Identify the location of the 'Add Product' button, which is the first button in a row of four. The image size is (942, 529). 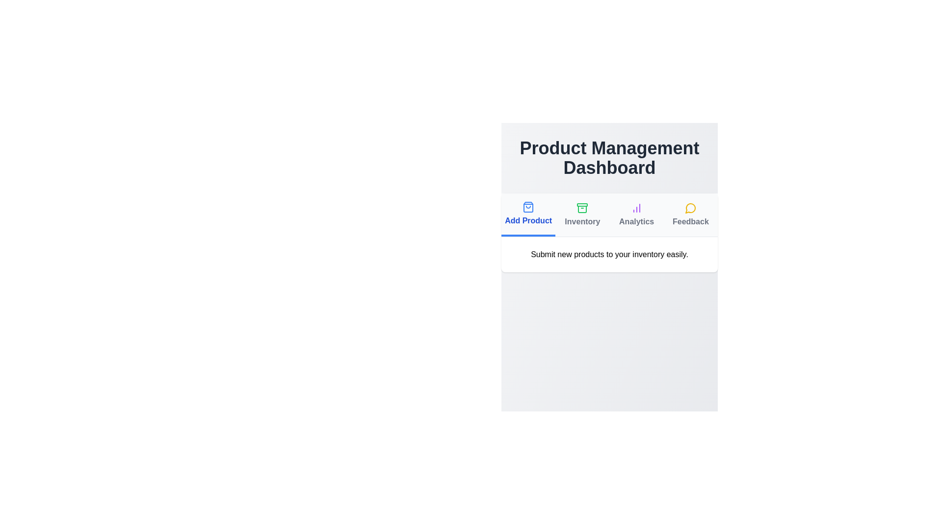
(528, 213).